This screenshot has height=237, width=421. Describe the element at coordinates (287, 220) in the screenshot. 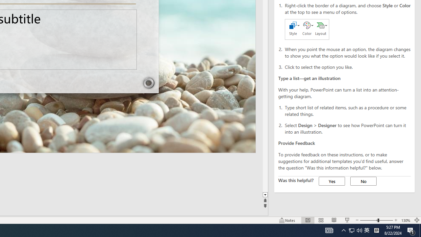

I see `'Notes '` at that location.